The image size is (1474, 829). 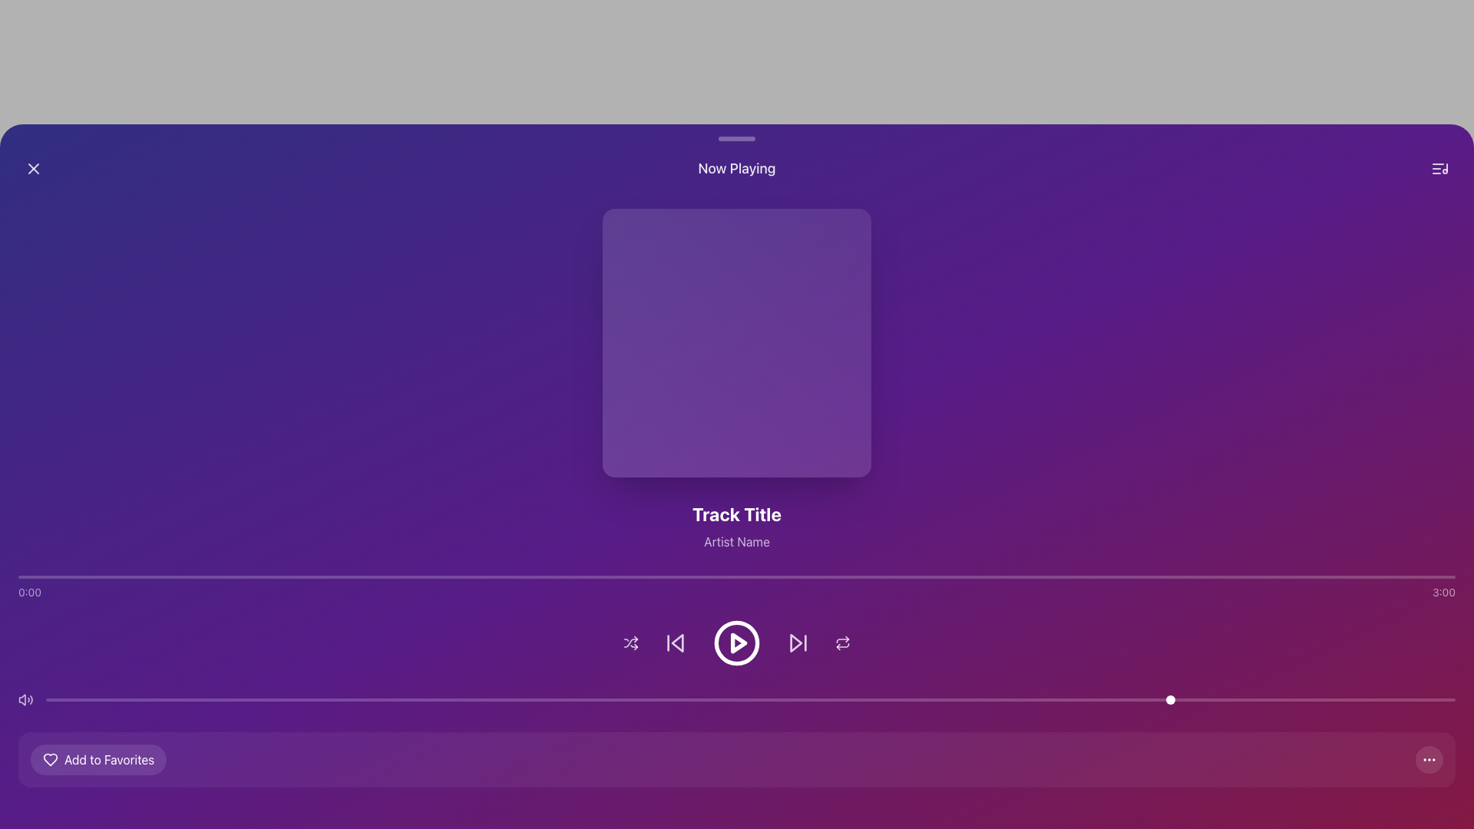 What do you see at coordinates (326, 699) in the screenshot?
I see `the slider value` at bounding box center [326, 699].